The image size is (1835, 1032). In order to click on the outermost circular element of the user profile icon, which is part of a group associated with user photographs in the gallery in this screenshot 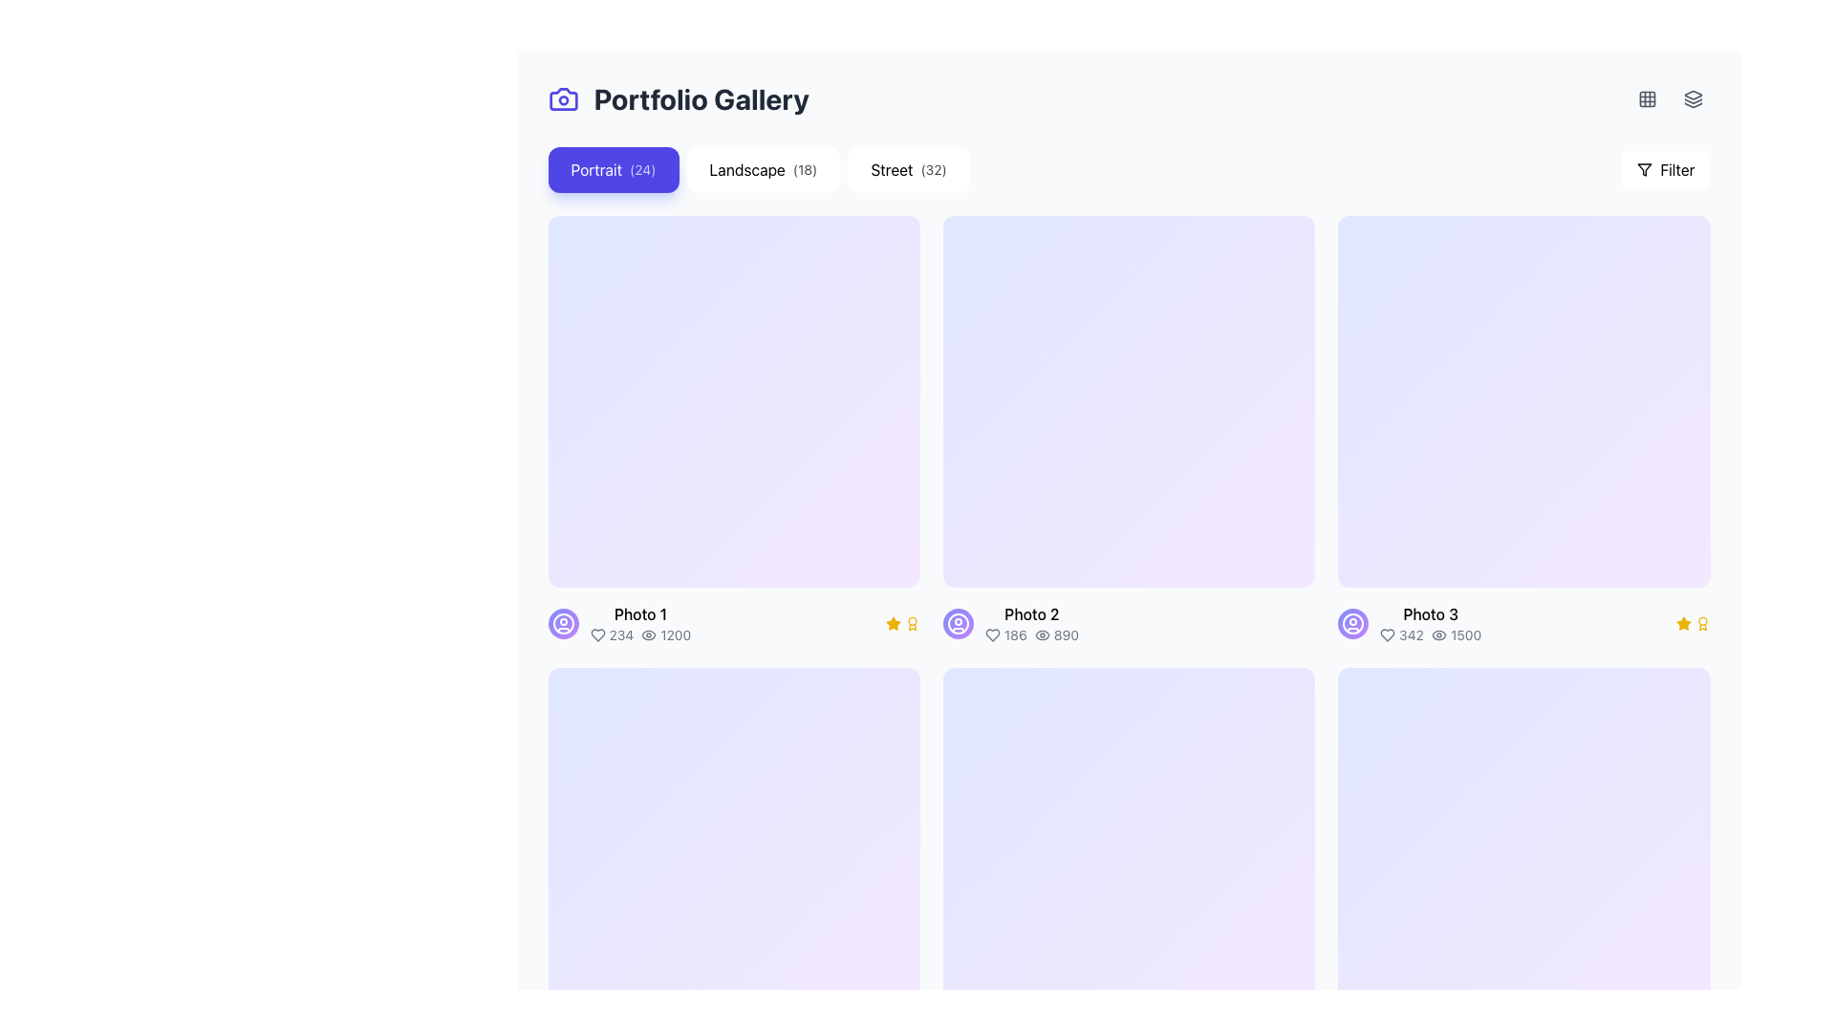, I will do `click(958, 624)`.